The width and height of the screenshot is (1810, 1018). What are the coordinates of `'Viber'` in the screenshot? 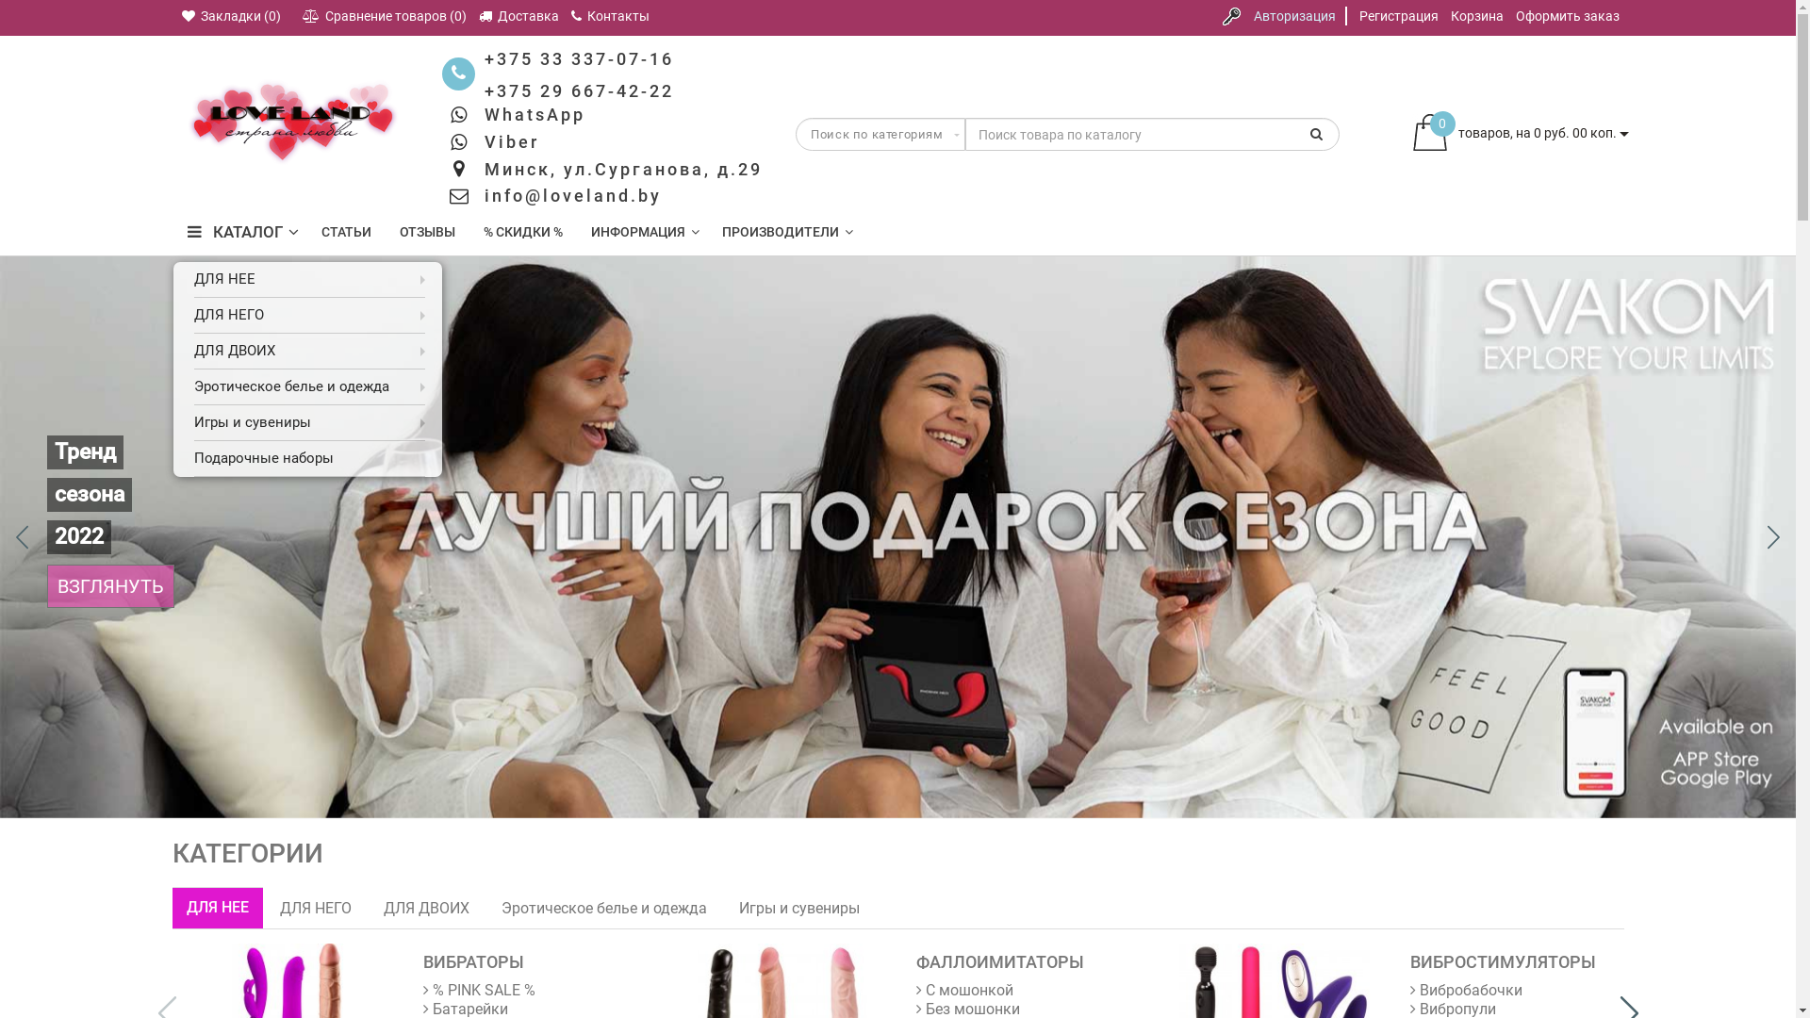 It's located at (511, 140).